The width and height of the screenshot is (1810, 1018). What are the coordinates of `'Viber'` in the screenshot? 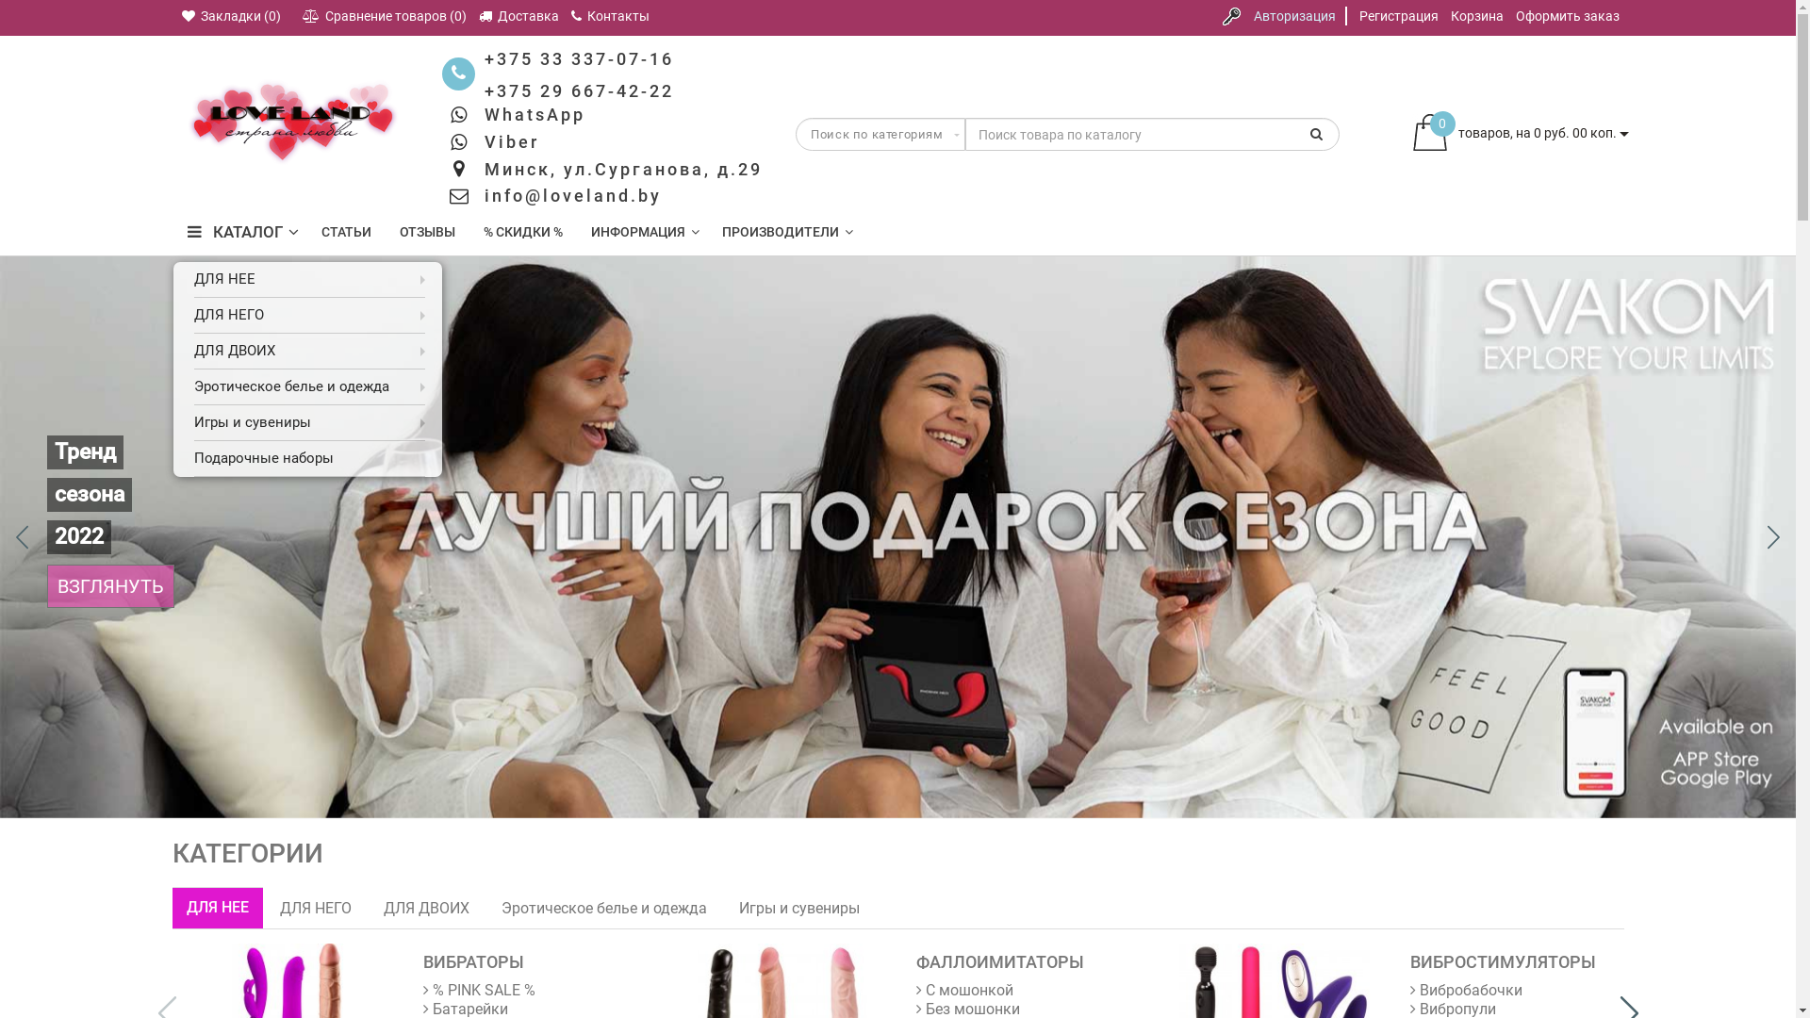 It's located at (511, 140).